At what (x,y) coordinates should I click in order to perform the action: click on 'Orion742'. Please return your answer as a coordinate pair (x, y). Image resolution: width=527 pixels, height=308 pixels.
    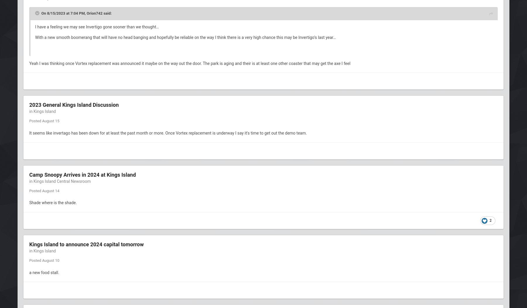
    Looking at the image, I should click on (94, 13).